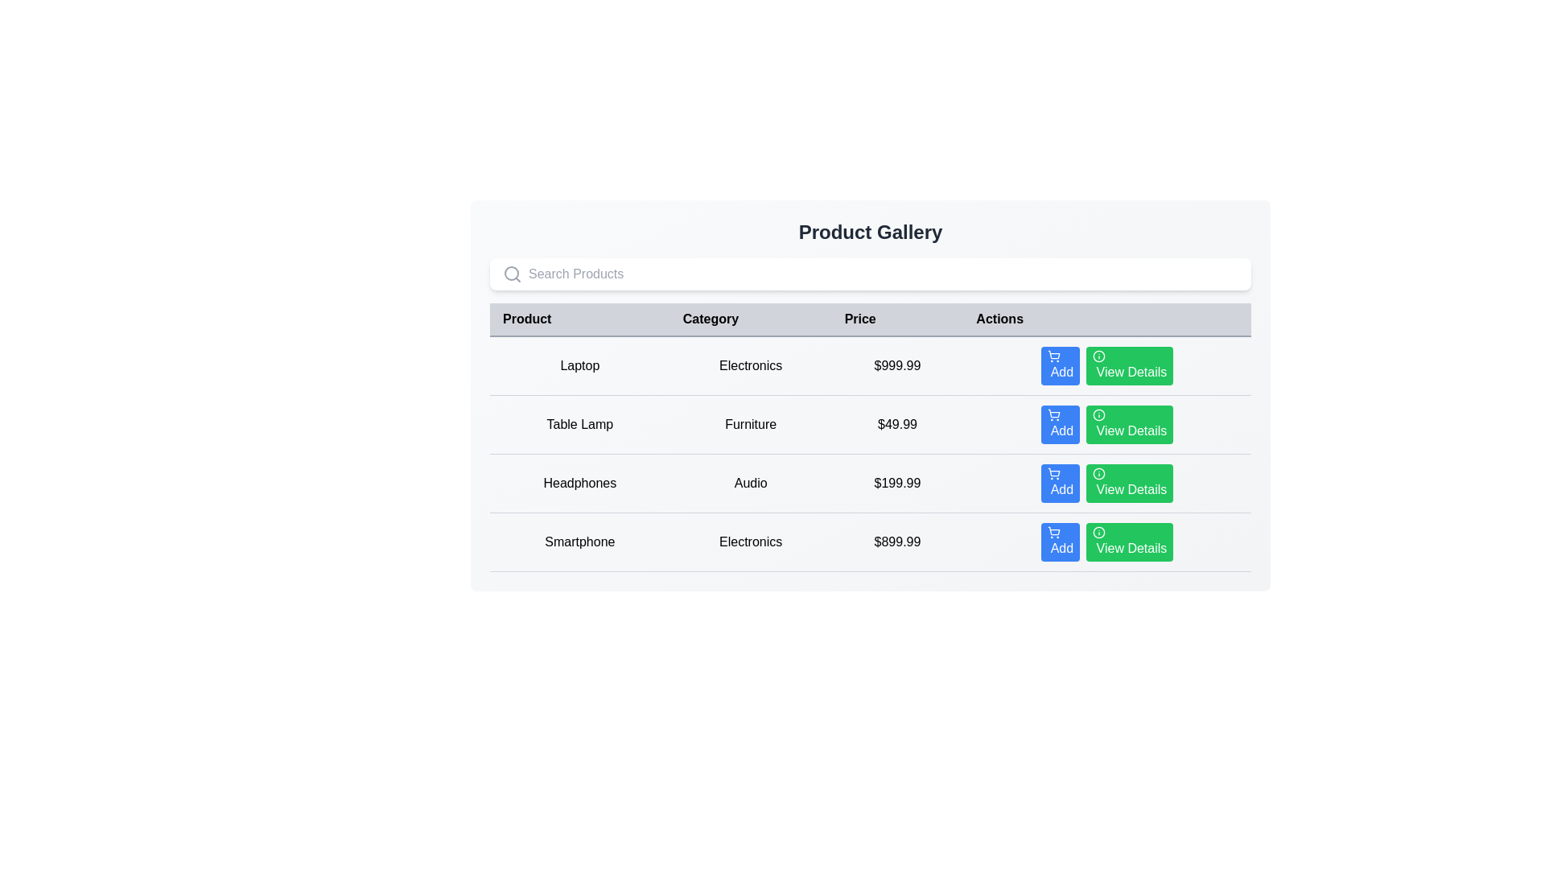  Describe the element at coordinates (1054, 354) in the screenshot. I see `the shopping cart icon within the 'Actions' column next to the first row (product Laptop)` at that location.